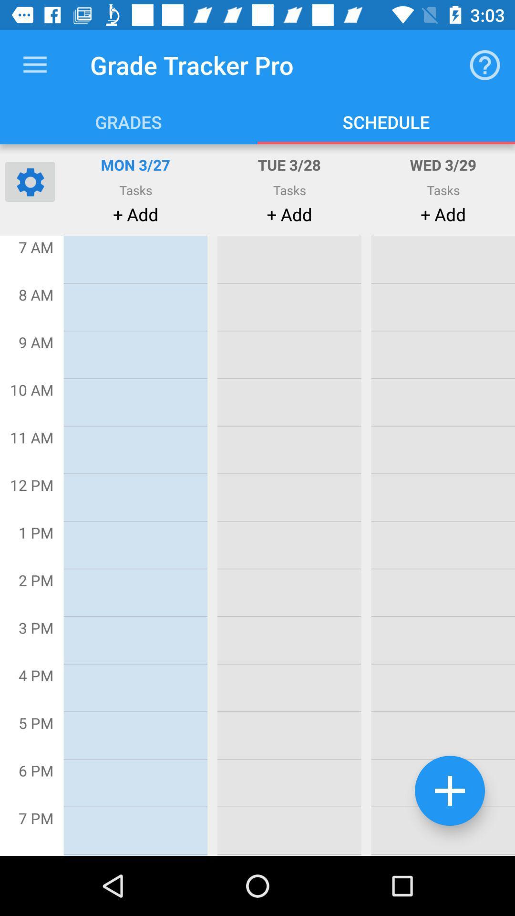 The width and height of the screenshot is (515, 916). I want to click on icon at the bottom right corner, so click(450, 791).